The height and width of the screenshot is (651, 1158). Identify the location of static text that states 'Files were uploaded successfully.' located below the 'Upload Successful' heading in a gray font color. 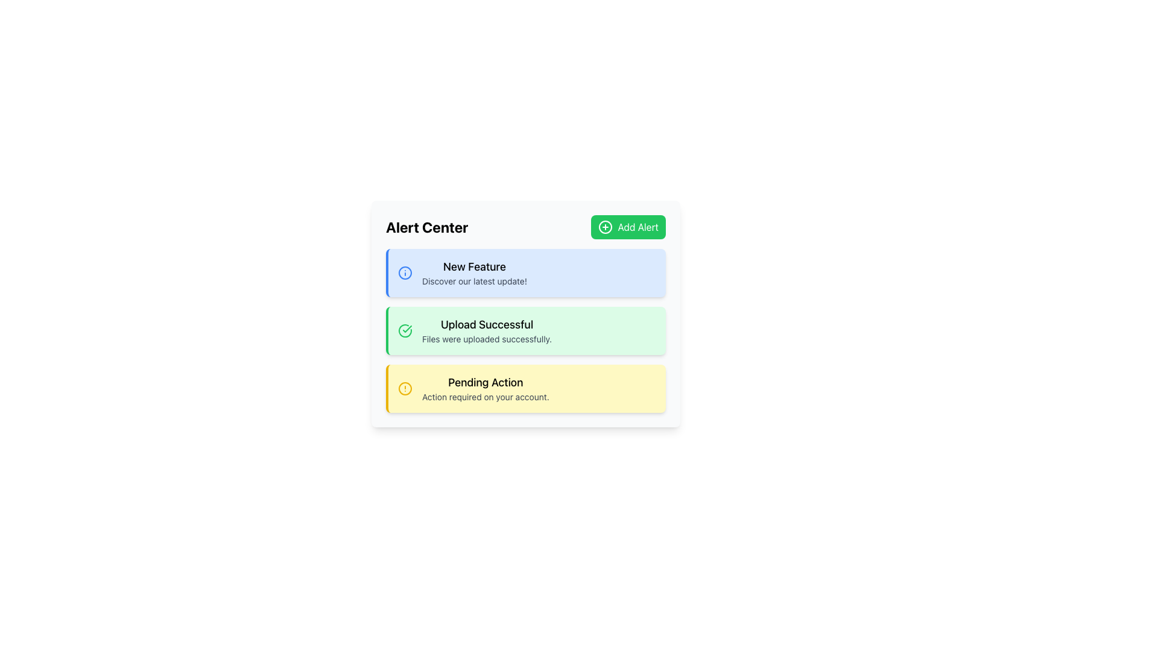
(487, 339).